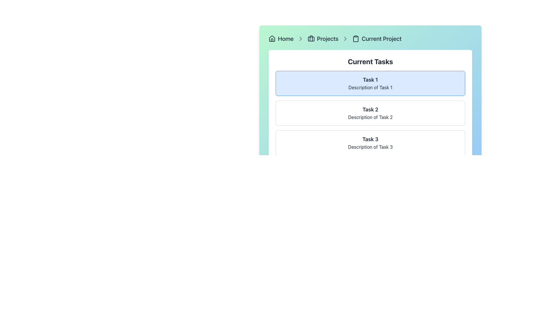  I want to click on the third visible hyperlink in the breadcrumb navigation structure, so click(328, 38).